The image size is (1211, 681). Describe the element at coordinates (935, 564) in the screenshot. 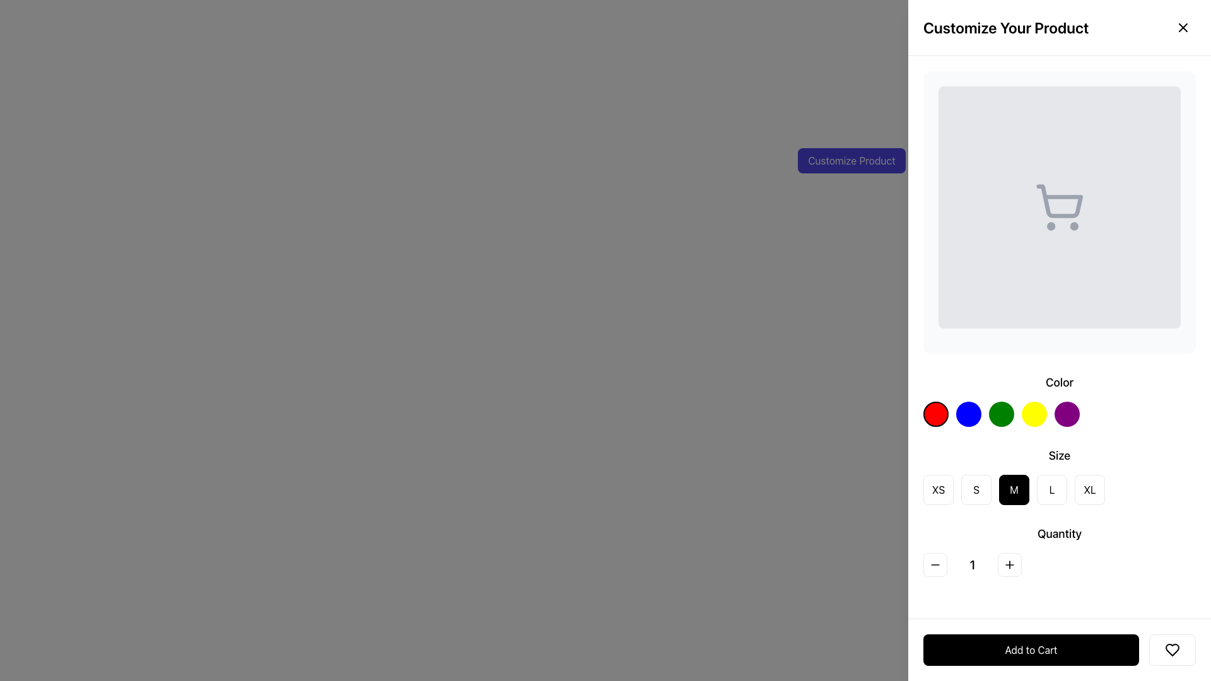

I see `the decrement button located to the left of the quantity counter` at that location.